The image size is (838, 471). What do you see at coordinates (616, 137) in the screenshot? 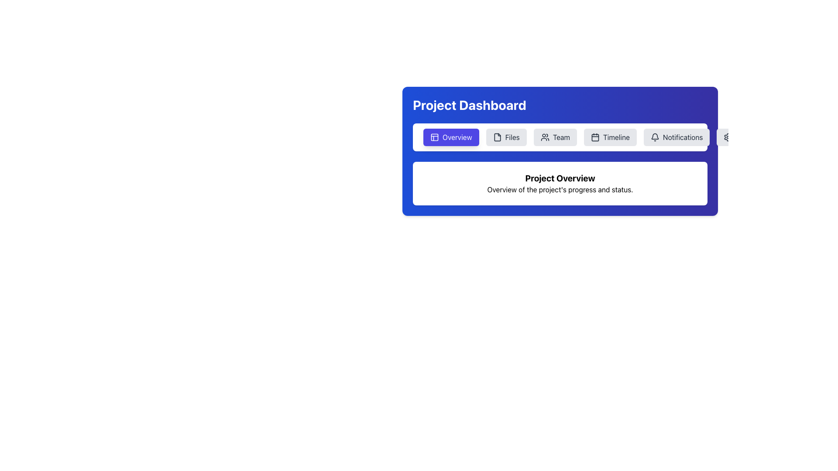
I see `the 'Timeline' button in the navigation bar` at bounding box center [616, 137].